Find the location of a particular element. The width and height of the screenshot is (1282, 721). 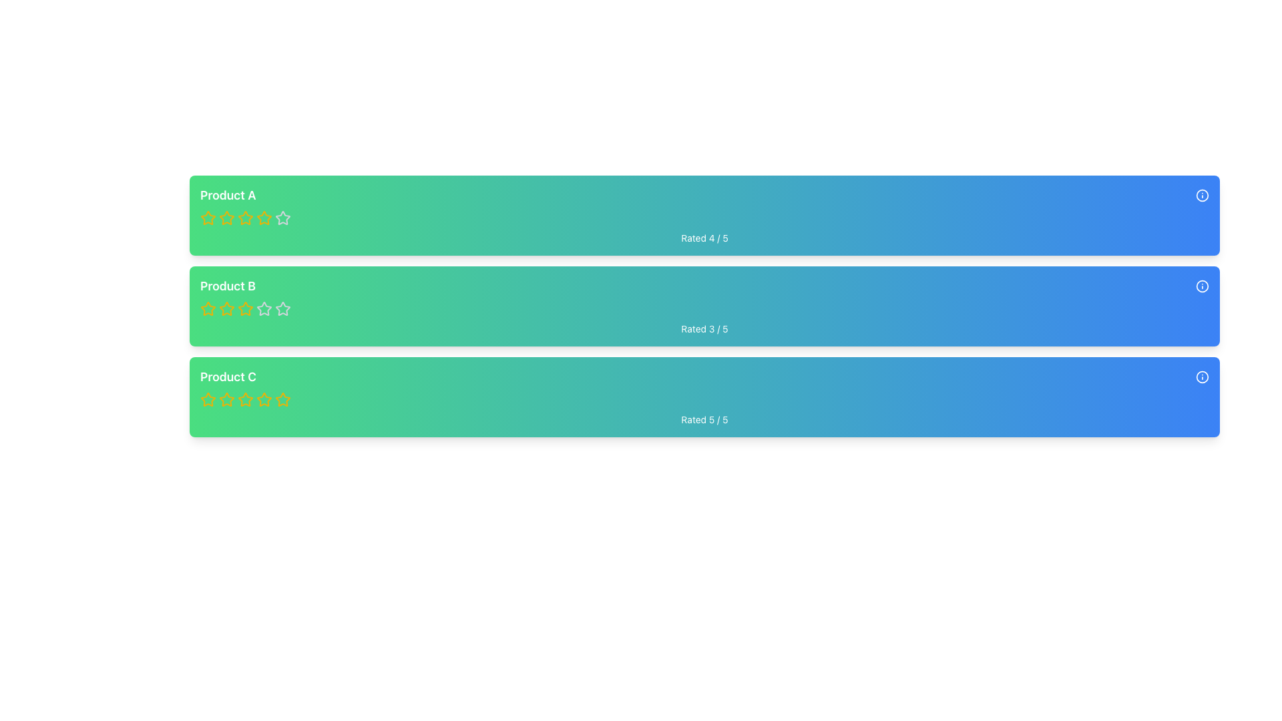

the first star icon in the 5-star rating system adjacent is located at coordinates (208, 217).